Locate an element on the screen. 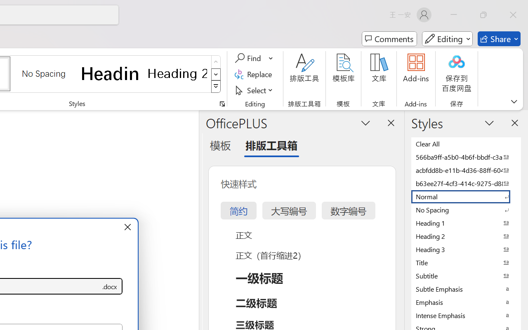 This screenshot has height=330, width=528. 'Replace...' is located at coordinates (254, 74).